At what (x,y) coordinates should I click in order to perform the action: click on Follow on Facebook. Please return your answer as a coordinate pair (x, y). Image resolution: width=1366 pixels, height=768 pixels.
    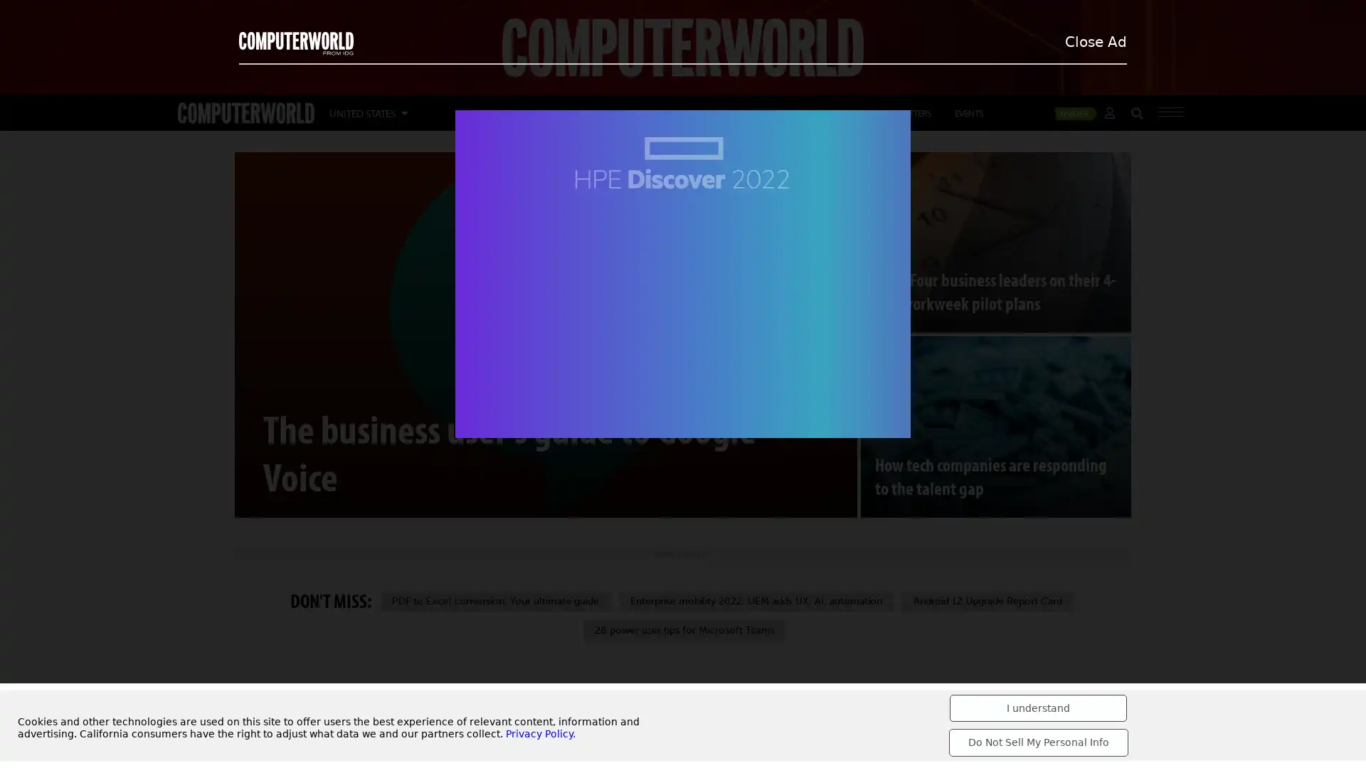
    Looking at the image, I should click on (402, 685).